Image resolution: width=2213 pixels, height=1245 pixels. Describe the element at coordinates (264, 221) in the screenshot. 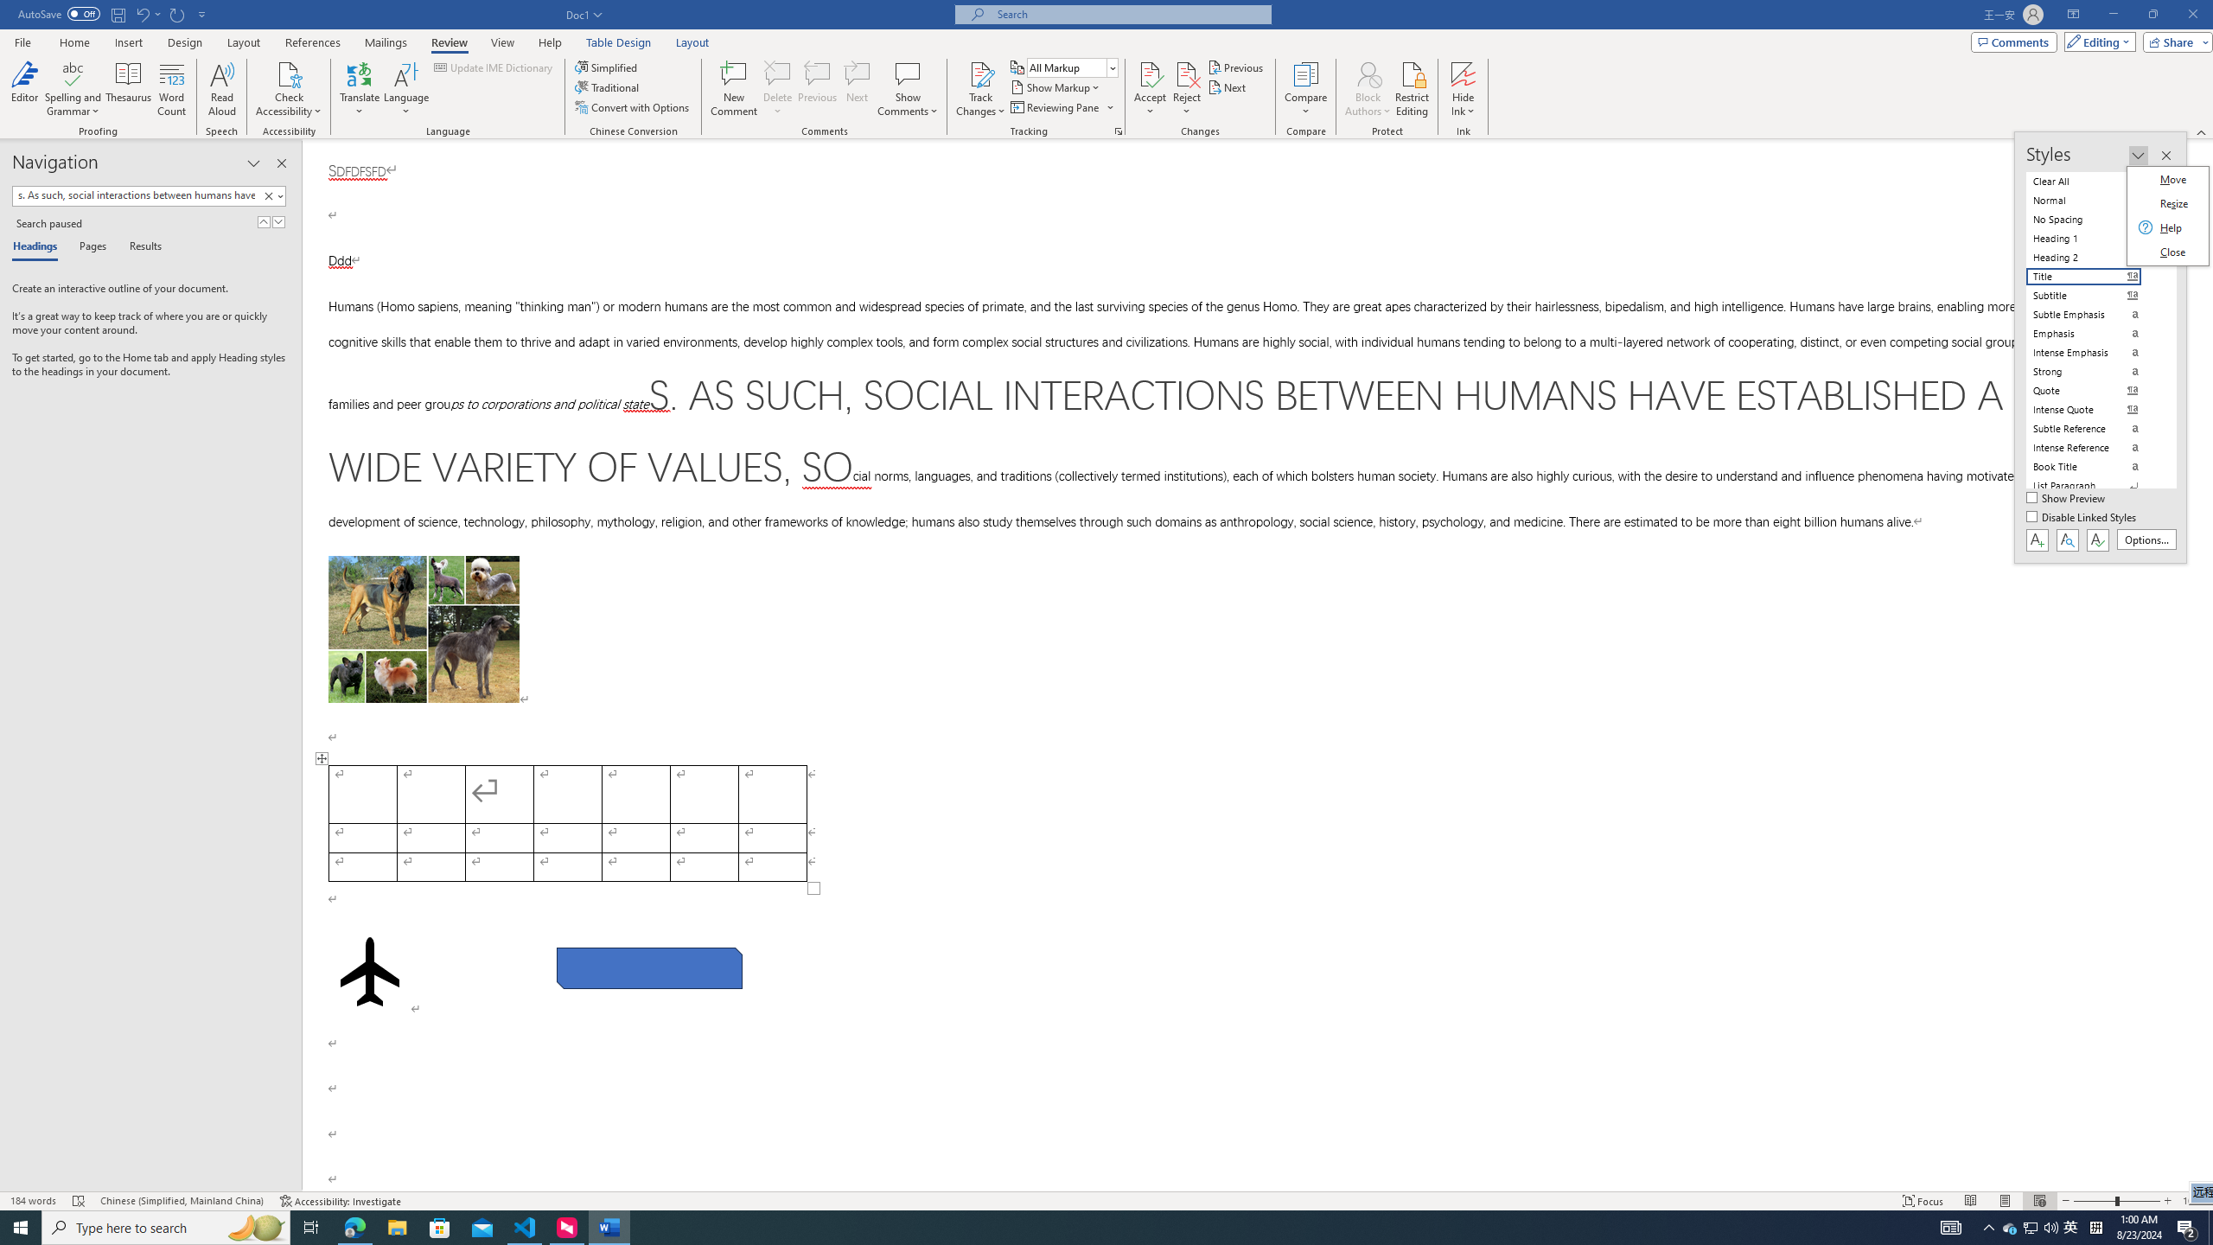

I see `'Previous Result'` at that location.